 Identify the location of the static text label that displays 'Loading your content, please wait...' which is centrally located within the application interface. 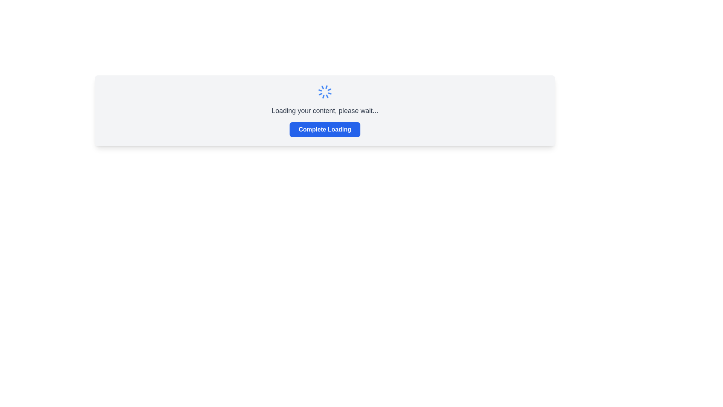
(325, 110).